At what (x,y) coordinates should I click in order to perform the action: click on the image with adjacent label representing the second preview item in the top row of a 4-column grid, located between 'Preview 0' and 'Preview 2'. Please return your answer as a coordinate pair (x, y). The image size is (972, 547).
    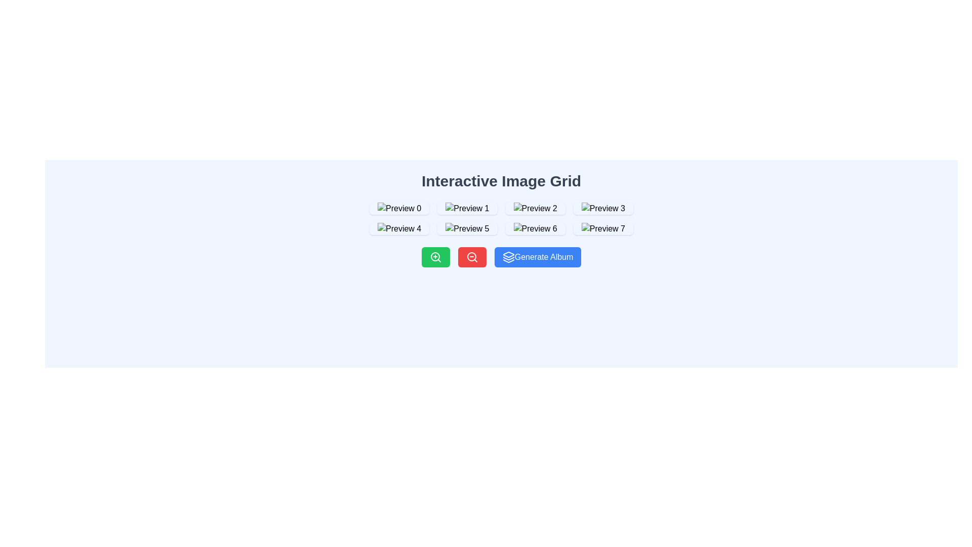
    Looking at the image, I should click on (467, 208).